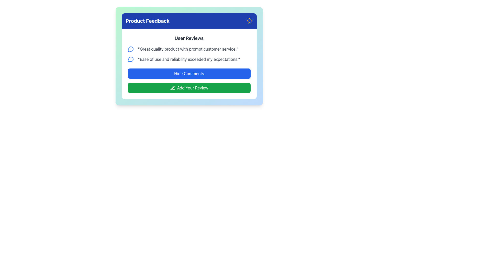  Describe the element at coordinates (249, 20) in the screenshot. I see `the yellow outlined star-shaped icon with a hollow center located in the top-right corner of the 'Product Feedback' header section` at that location.